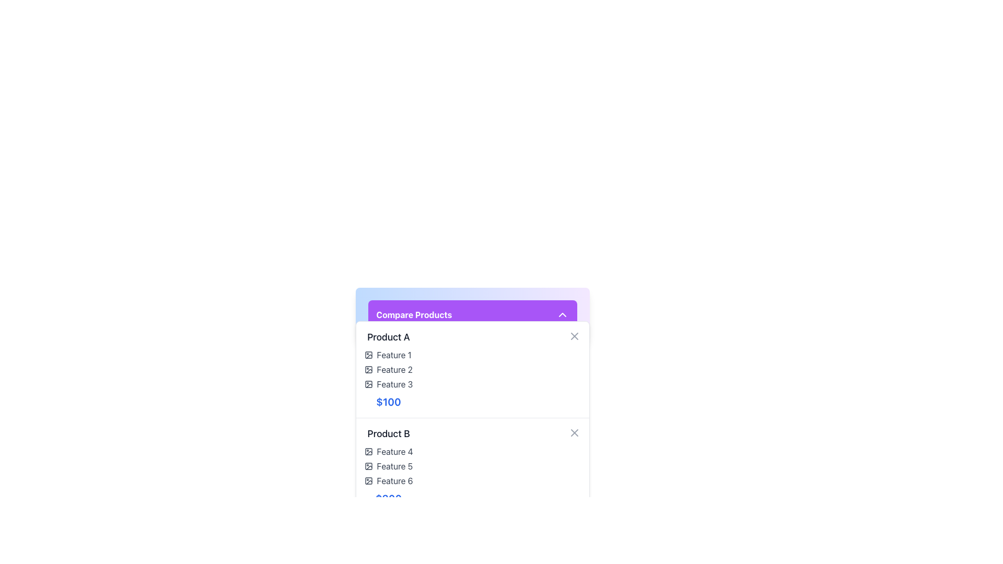 The width and height of the screenshot is (1003, 564). What do you see at coordinates (368, 481) in the screenshot?
I see `the small icon resembling a picture frame with a circular figure and a diagonal line across it, located to the left of the 'Feature 6' text under 'Product B'` at bounding box center [368, 481].